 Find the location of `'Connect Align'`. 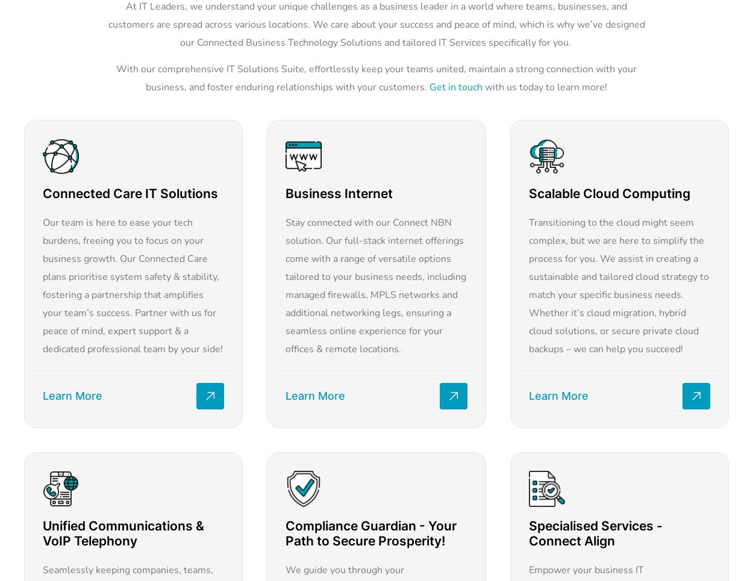

'Connect Align' is located at coordinates (570, 540).